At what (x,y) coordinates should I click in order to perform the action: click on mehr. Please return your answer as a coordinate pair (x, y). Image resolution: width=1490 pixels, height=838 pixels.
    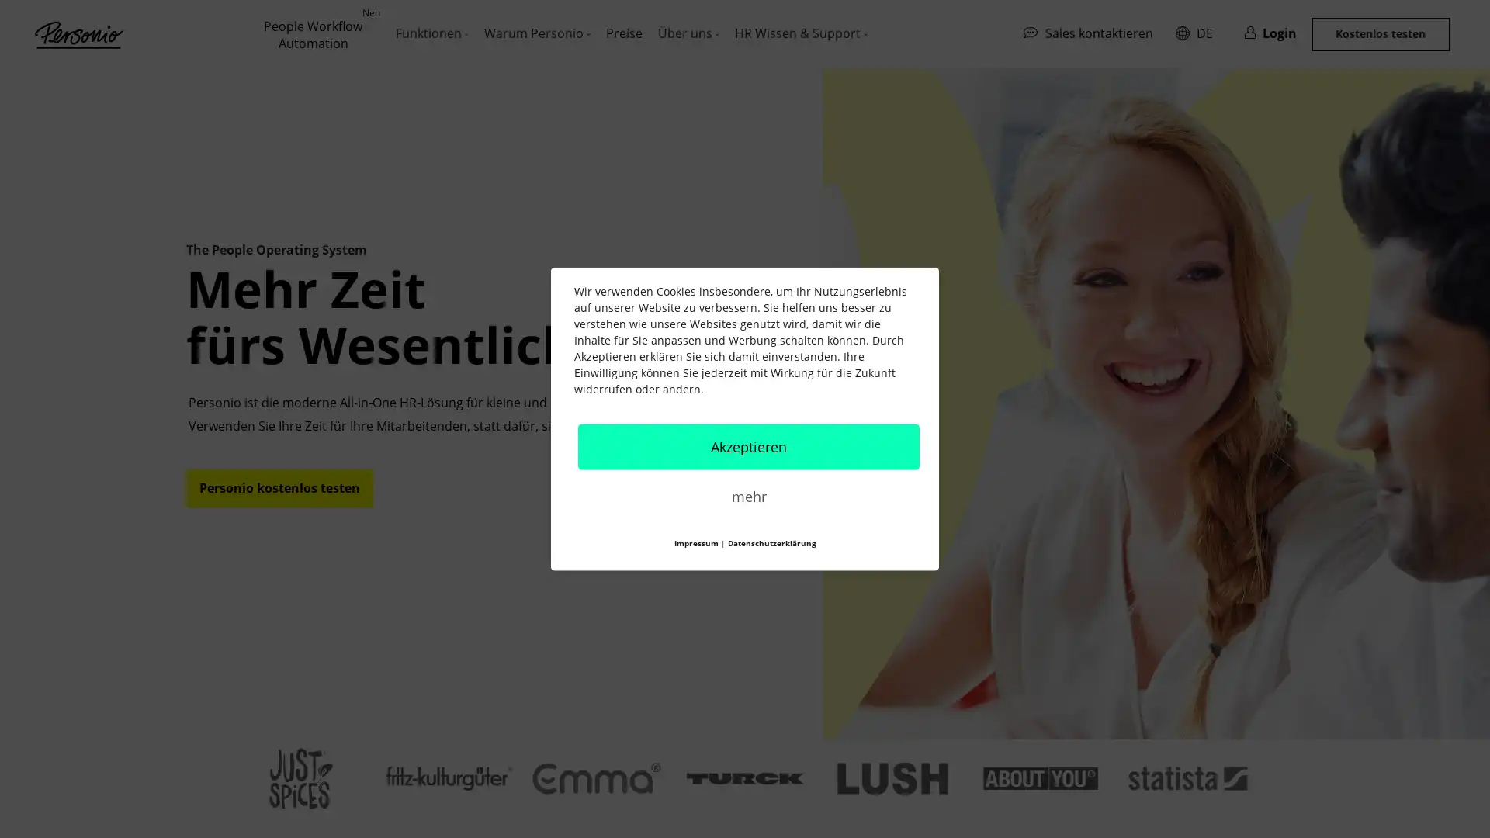
    Looking at the image, I should click on (748, 496).